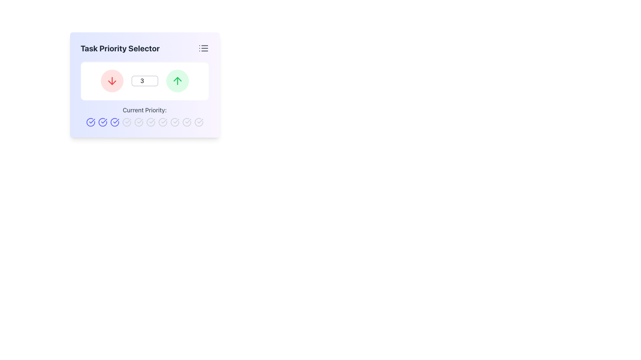 The image size is (641, 360). Describe the element at coordinates (198, 122) in the screenshot. I see `the 9th circular icon representing an unselected state in the 'Task Priority Selector'` at that location.